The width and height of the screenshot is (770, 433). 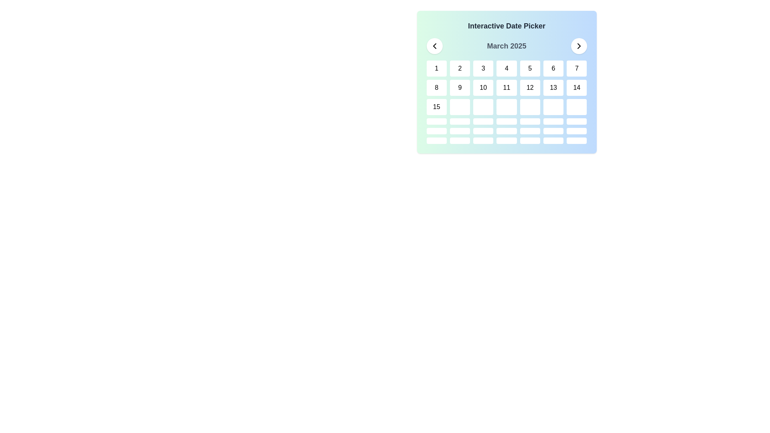 What do you see at coordinates (506, 88) in the screenshot?
I see `the button displaying the number '11' in the March 2025 calendar grid to interact with accessibility tools` at bounding box center [506, 88].